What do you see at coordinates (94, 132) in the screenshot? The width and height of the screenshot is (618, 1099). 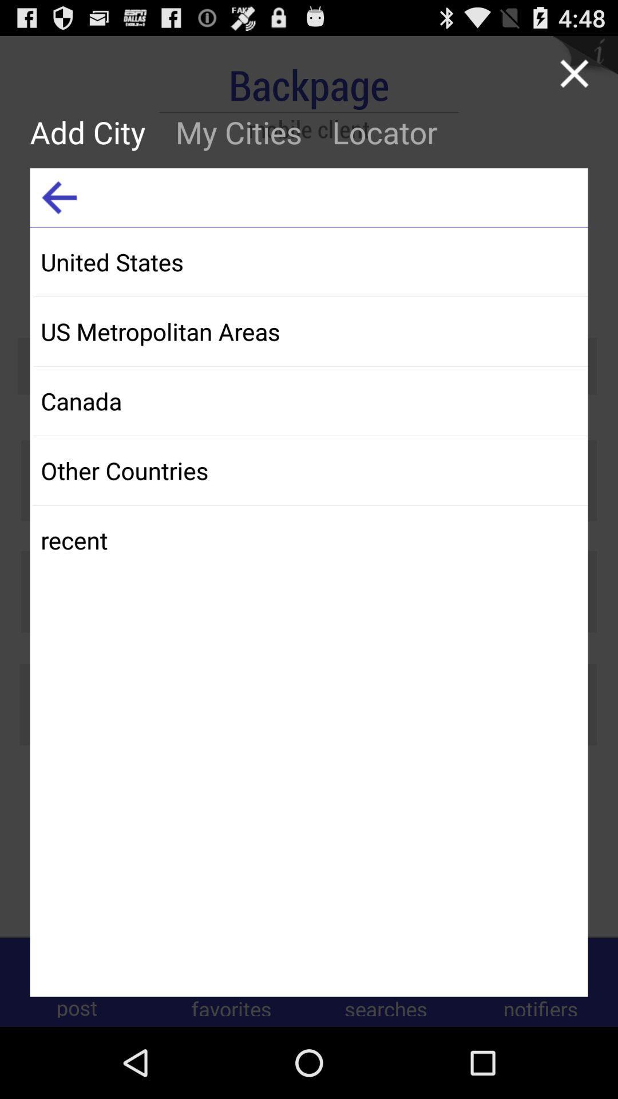 I see `button next to the my cities item` at bounding box center [94, 132].